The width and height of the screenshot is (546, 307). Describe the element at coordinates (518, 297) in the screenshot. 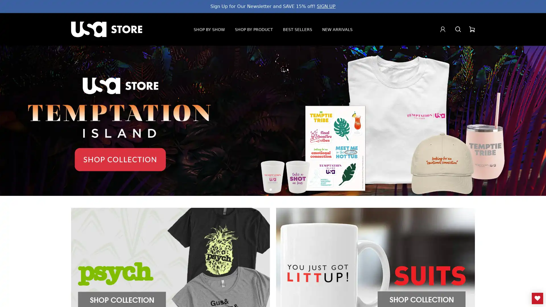

I see `Accept All` at that location.